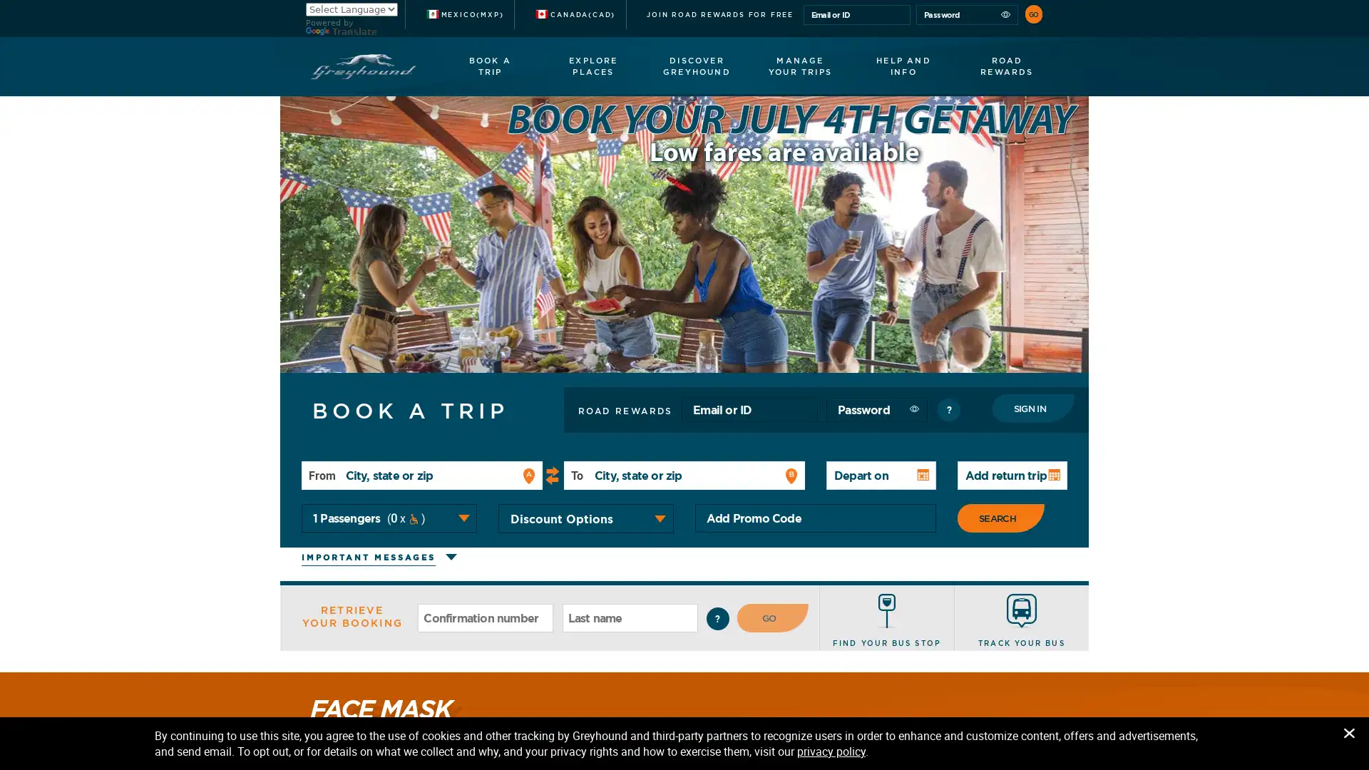 The width and height of the screenshot is (1369, 770). What do you see at coordinates (923, 475) in the screenshot?
I see `Open Calendar: to navigate the calendar, use the control key with the arrow keys` at bounding box center [923, 475].